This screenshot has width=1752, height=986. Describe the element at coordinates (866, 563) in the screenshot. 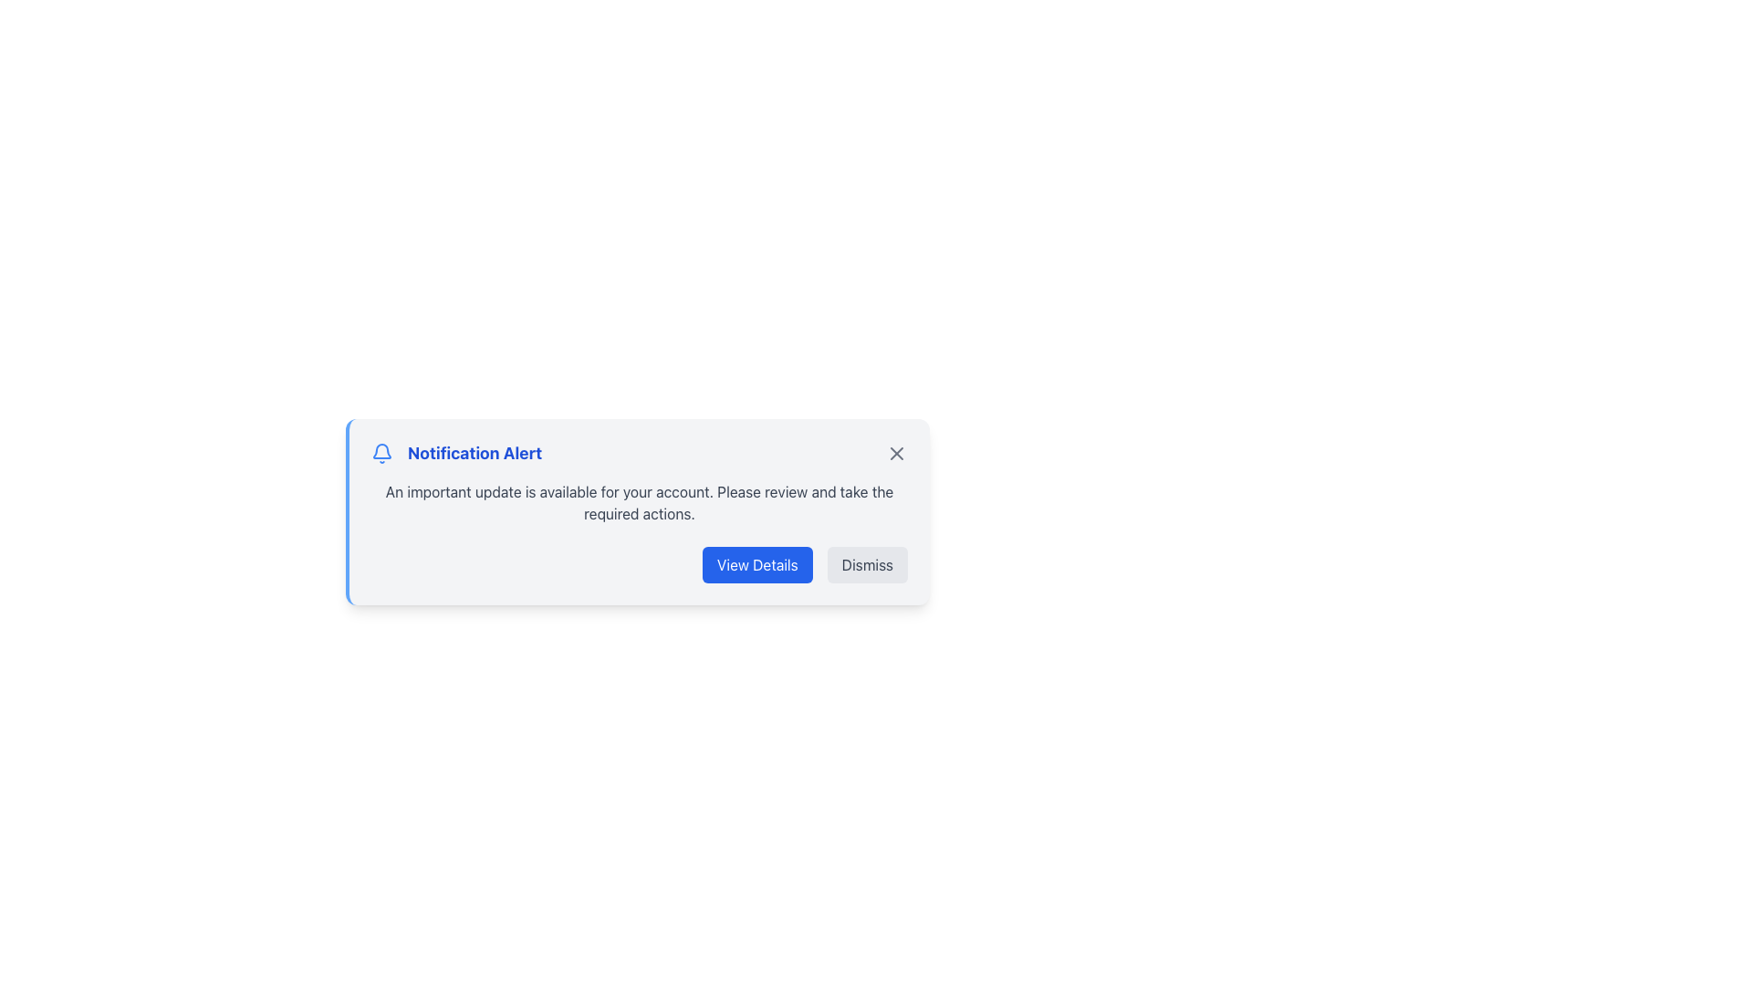

I see `the dismiss button located at the bottom-right corner of the notification panel` at that location.